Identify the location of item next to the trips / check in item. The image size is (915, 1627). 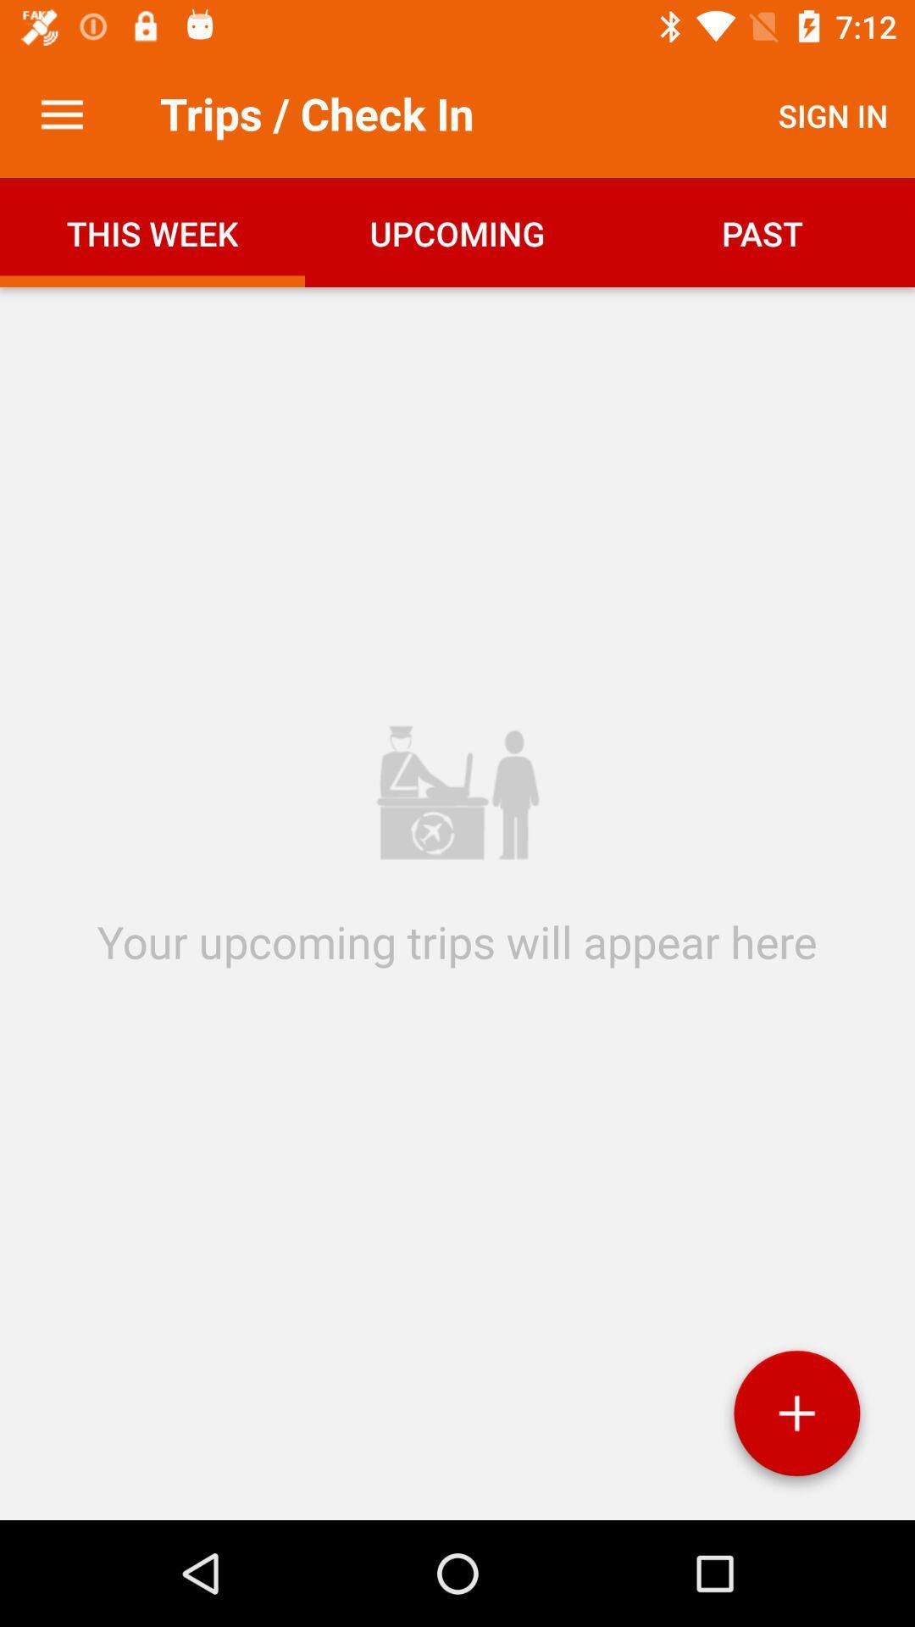
(832, 114).